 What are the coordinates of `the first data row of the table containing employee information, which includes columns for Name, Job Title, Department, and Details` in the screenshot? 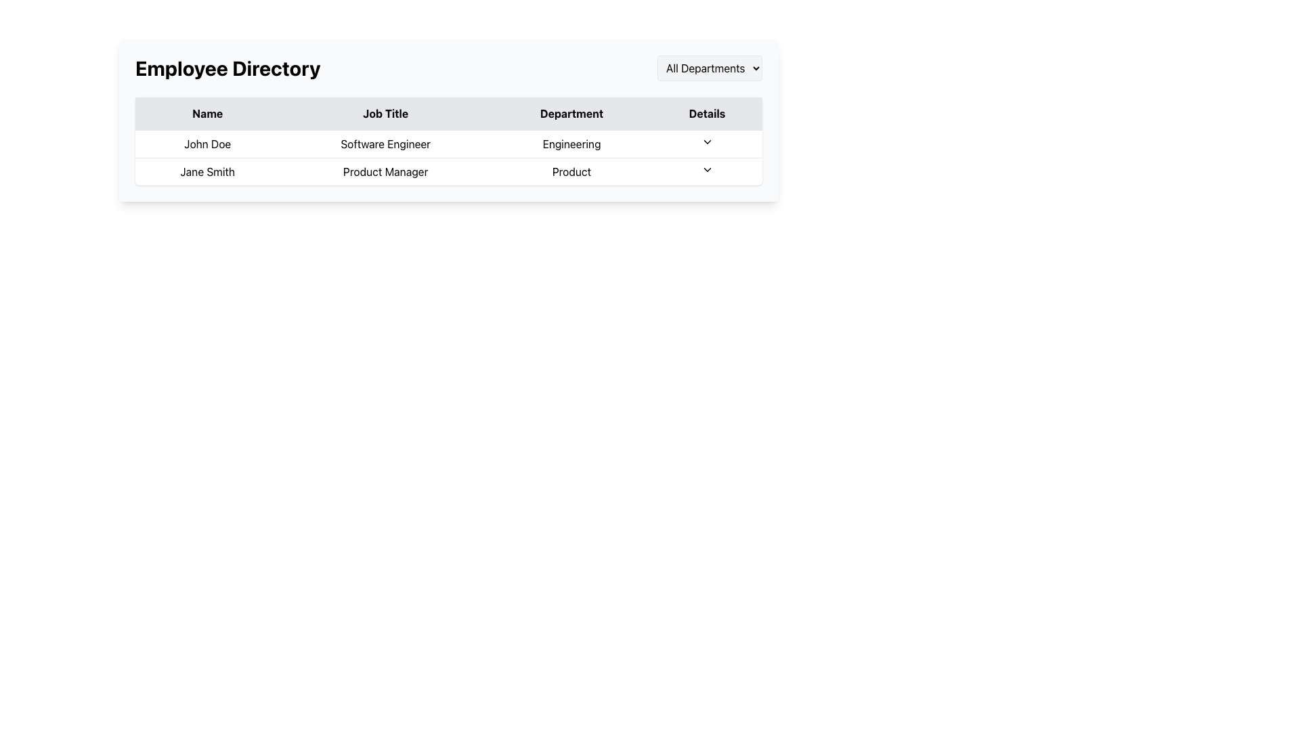 It's located at (448, 141).